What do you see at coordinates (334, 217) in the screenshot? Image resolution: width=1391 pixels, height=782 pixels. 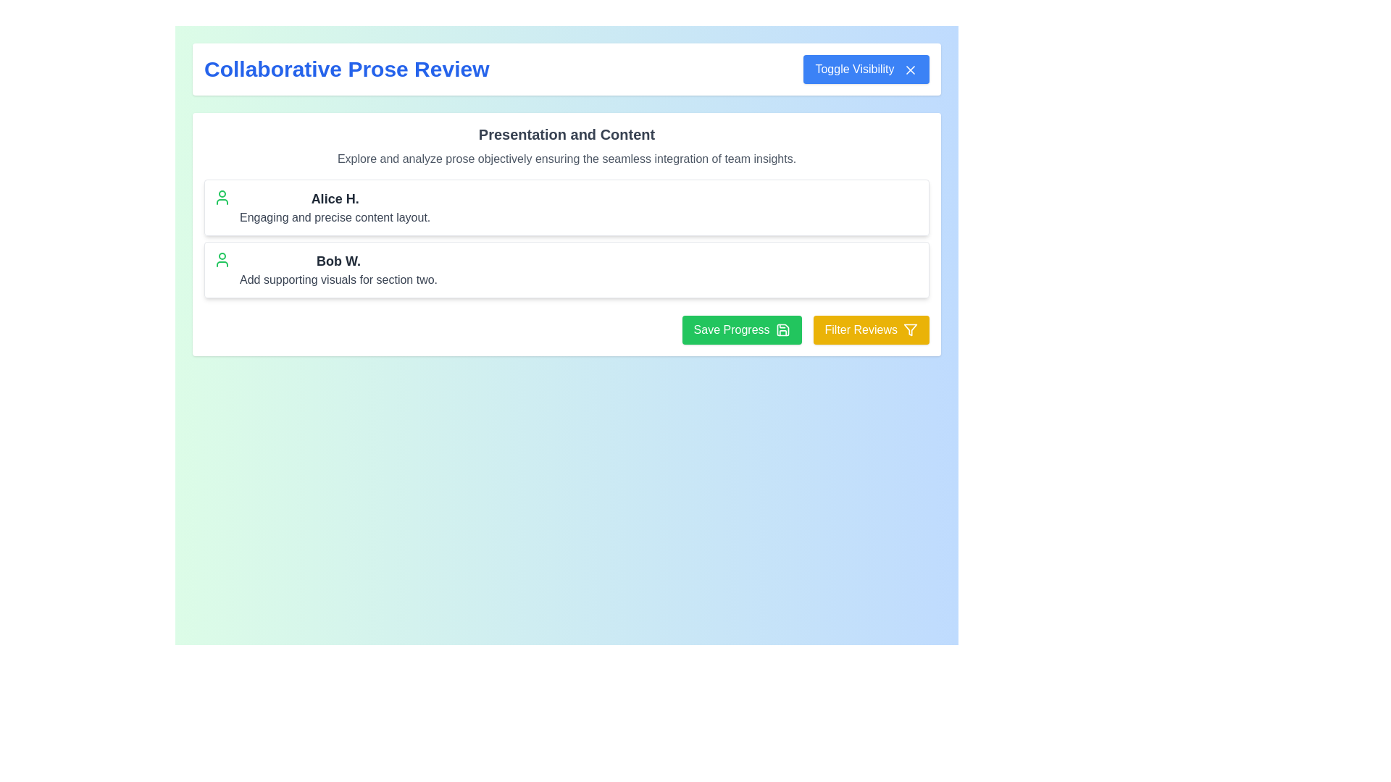 I see `the static text label providing a description related to Alice H.'s section in the collaborative prose review context` at bounding box center [334, 217].